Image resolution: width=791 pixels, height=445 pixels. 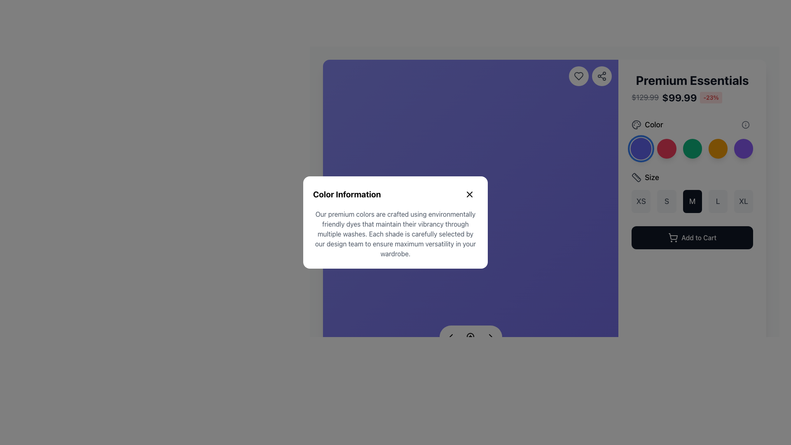 What do you see at coordinates (692, 149) in the screenshot?
I see `the third circular color selector button labeled 'Forest Green'` at bounding box center [692, 149].